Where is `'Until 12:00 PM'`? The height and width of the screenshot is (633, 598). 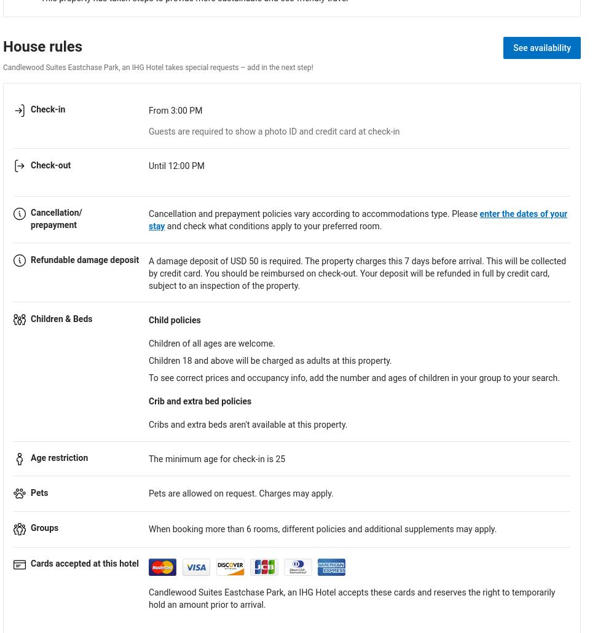
'Until 12:00 PM' is located at coordinates (176, 165).